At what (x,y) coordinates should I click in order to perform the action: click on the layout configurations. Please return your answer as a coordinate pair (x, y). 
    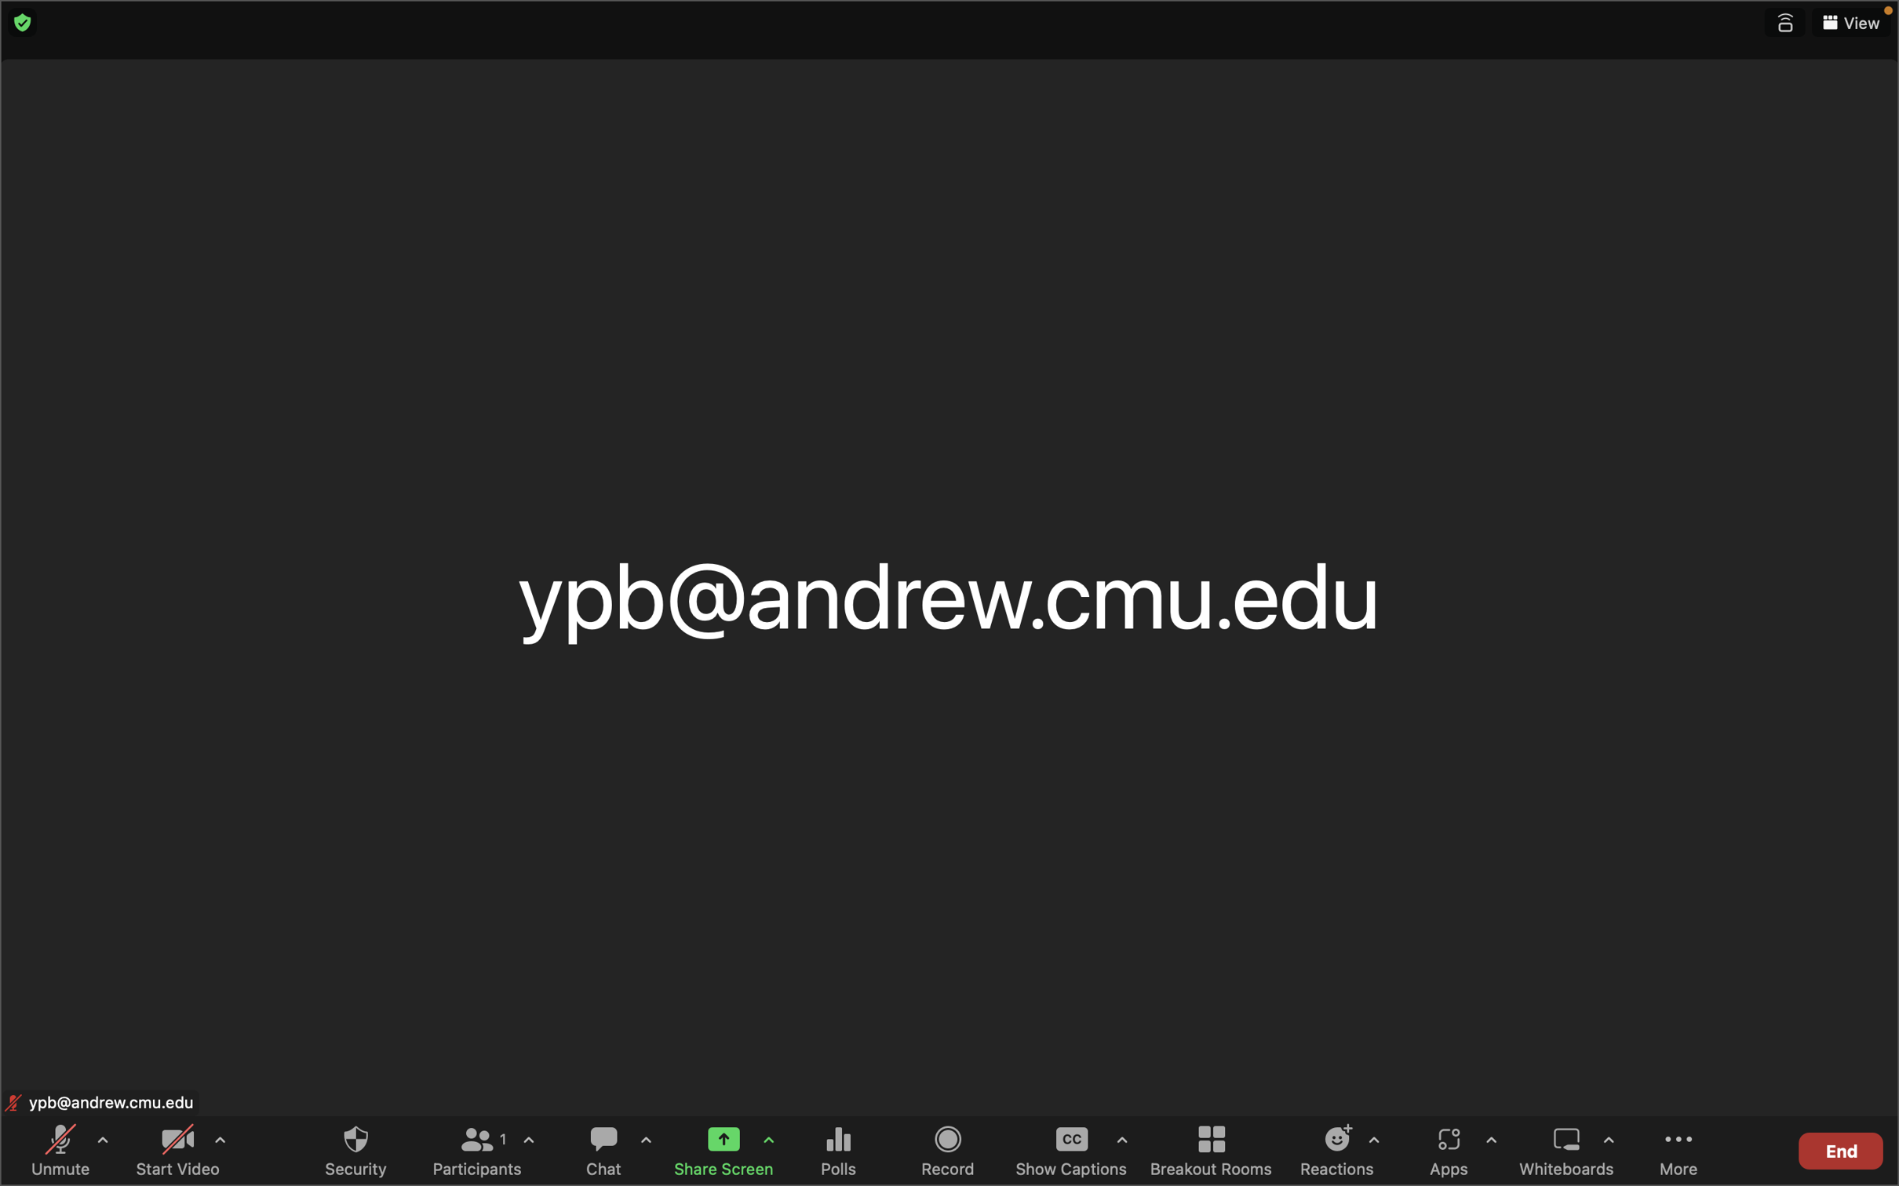
    Looking at the image, I should click on (1850, 23).